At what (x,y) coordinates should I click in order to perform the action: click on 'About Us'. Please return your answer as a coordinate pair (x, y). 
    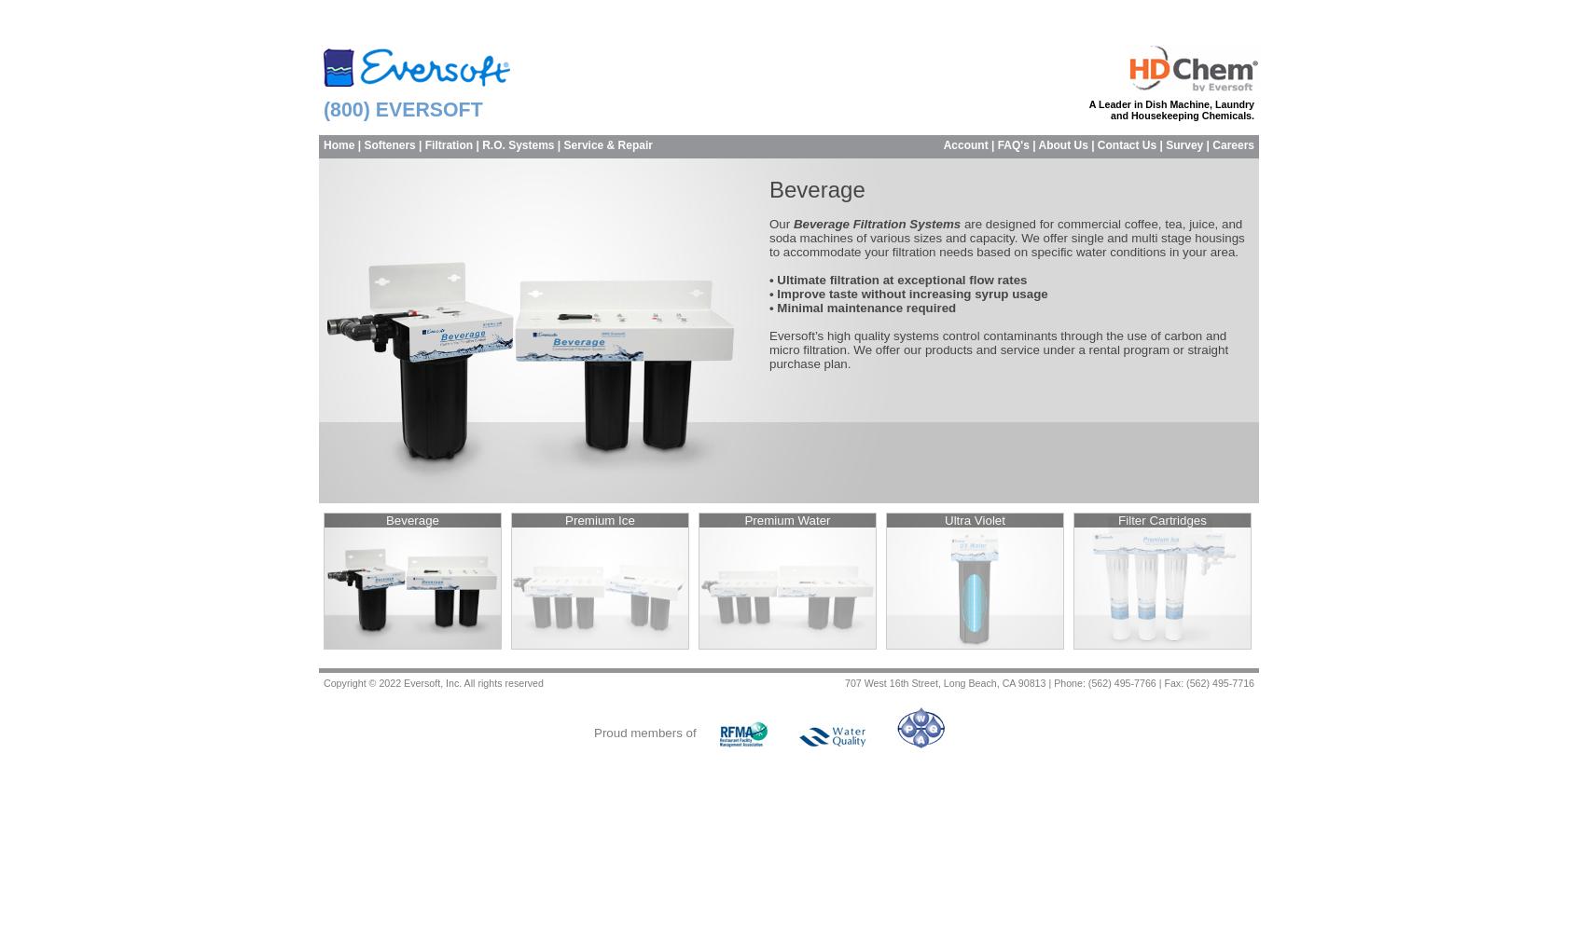
    Looking at the image, I should click on (1061, 145).